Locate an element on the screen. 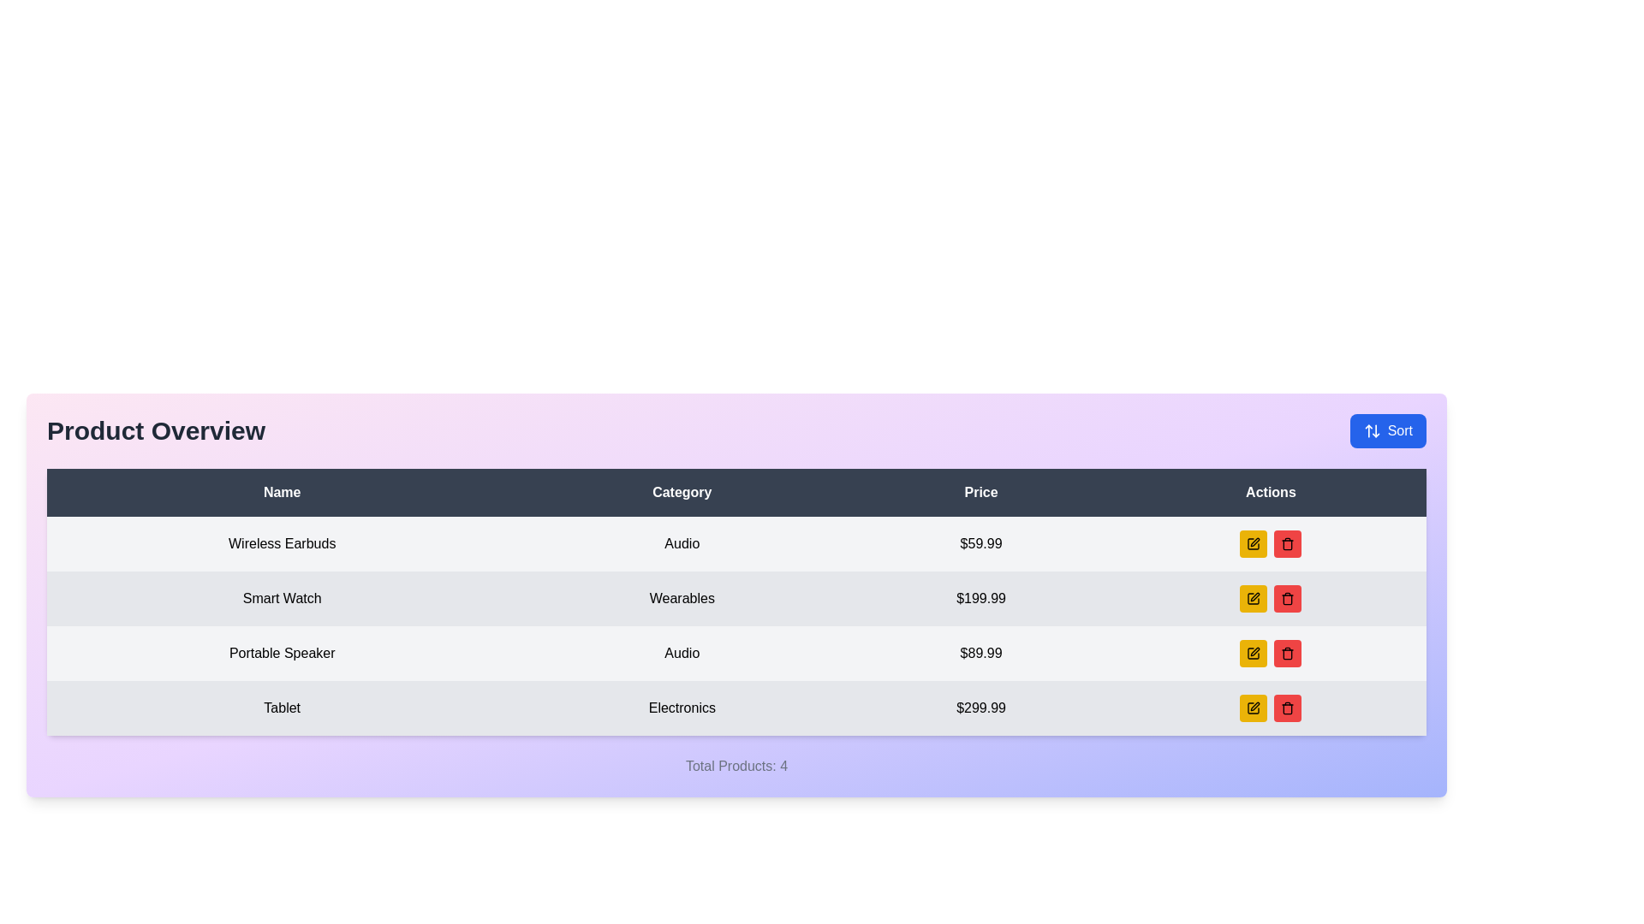  the edit icon button located in the last row of the actions column in the table is located at coordinates (1255, 596).